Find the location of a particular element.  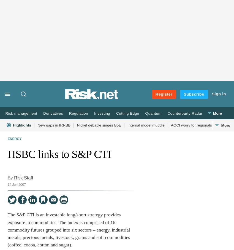

'Nickel debacle singes BoE' is located at coordinates (99, 125).